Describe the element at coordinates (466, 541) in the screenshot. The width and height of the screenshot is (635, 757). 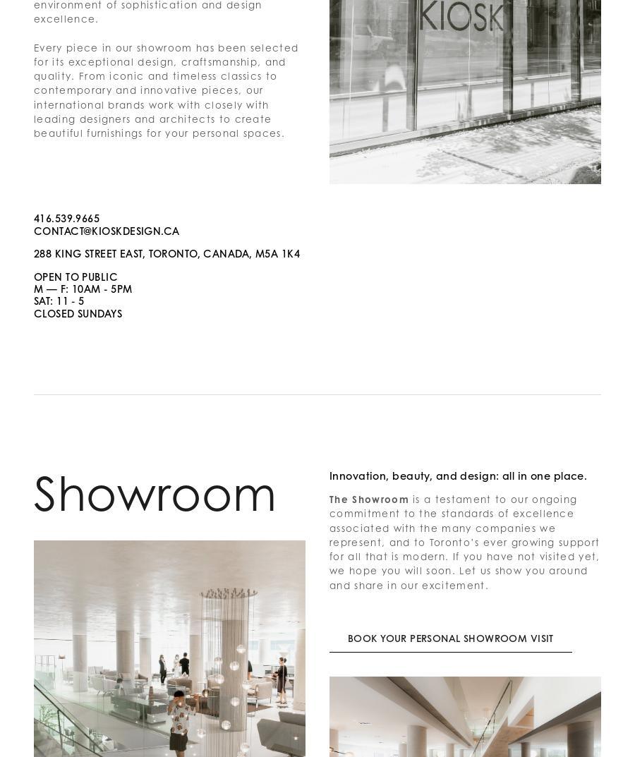
I see `'is a testament to our ongoing commitment to the standards of excellence associated with the many companies we represent, and to Toronto’s ever growing support for all that is modern. If you have not visited yet, we hope you will soon. Let us show you around and share in our excitement.'` at that location.